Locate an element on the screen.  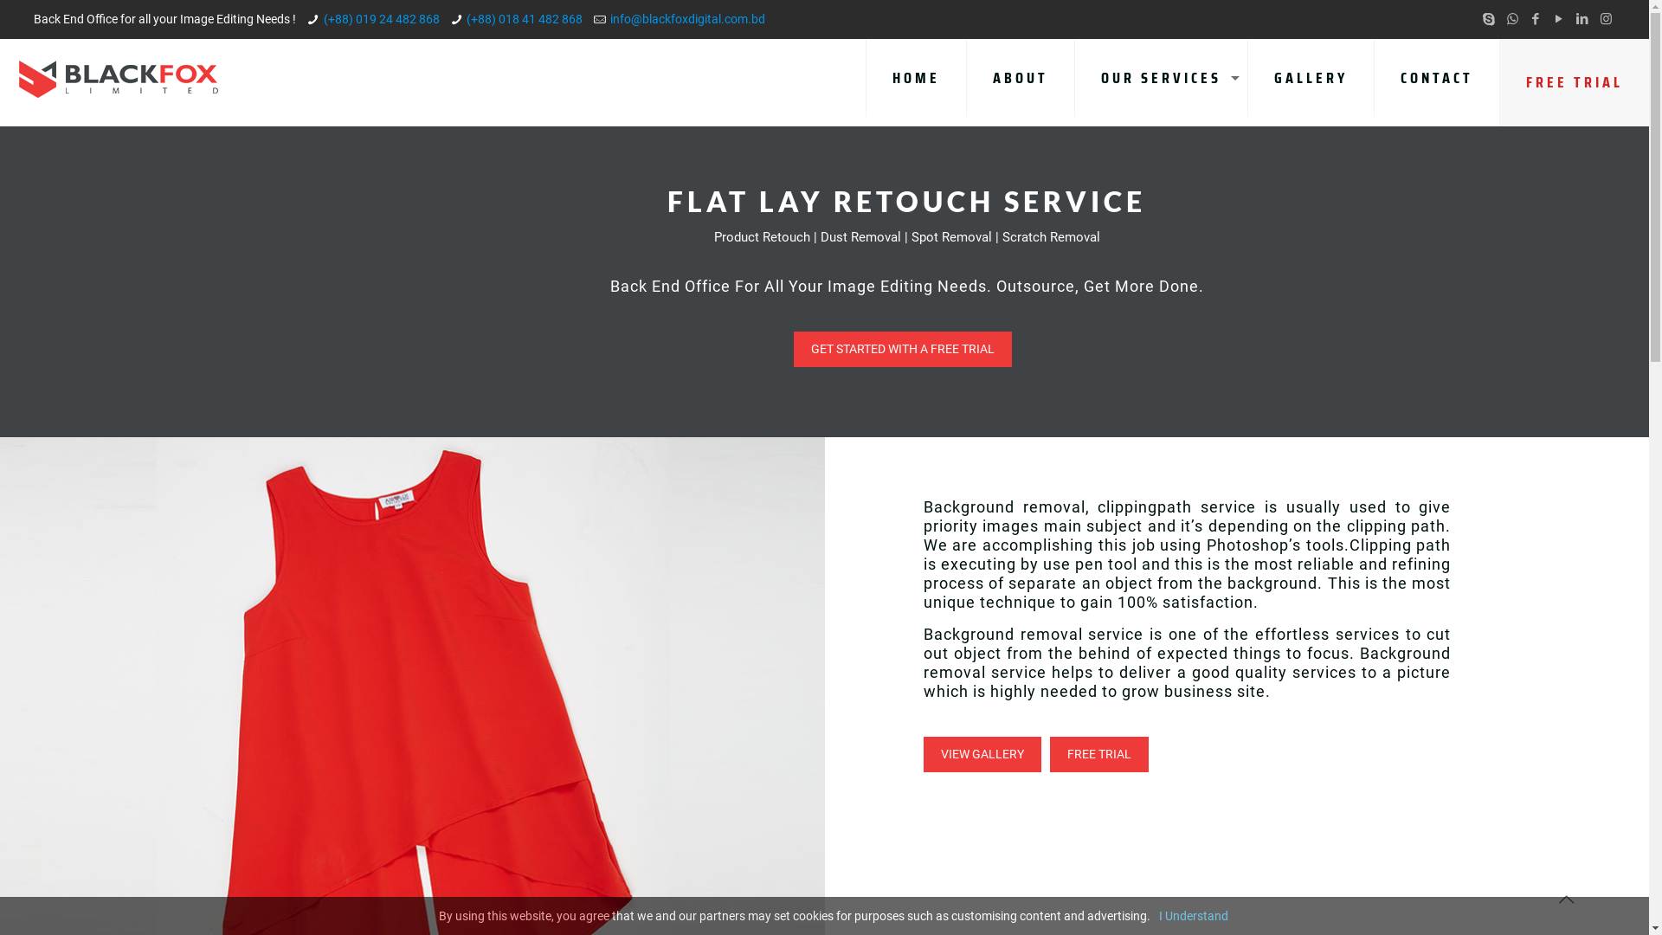
'OUR SERVICES' is located at coordinates (1162, 76).